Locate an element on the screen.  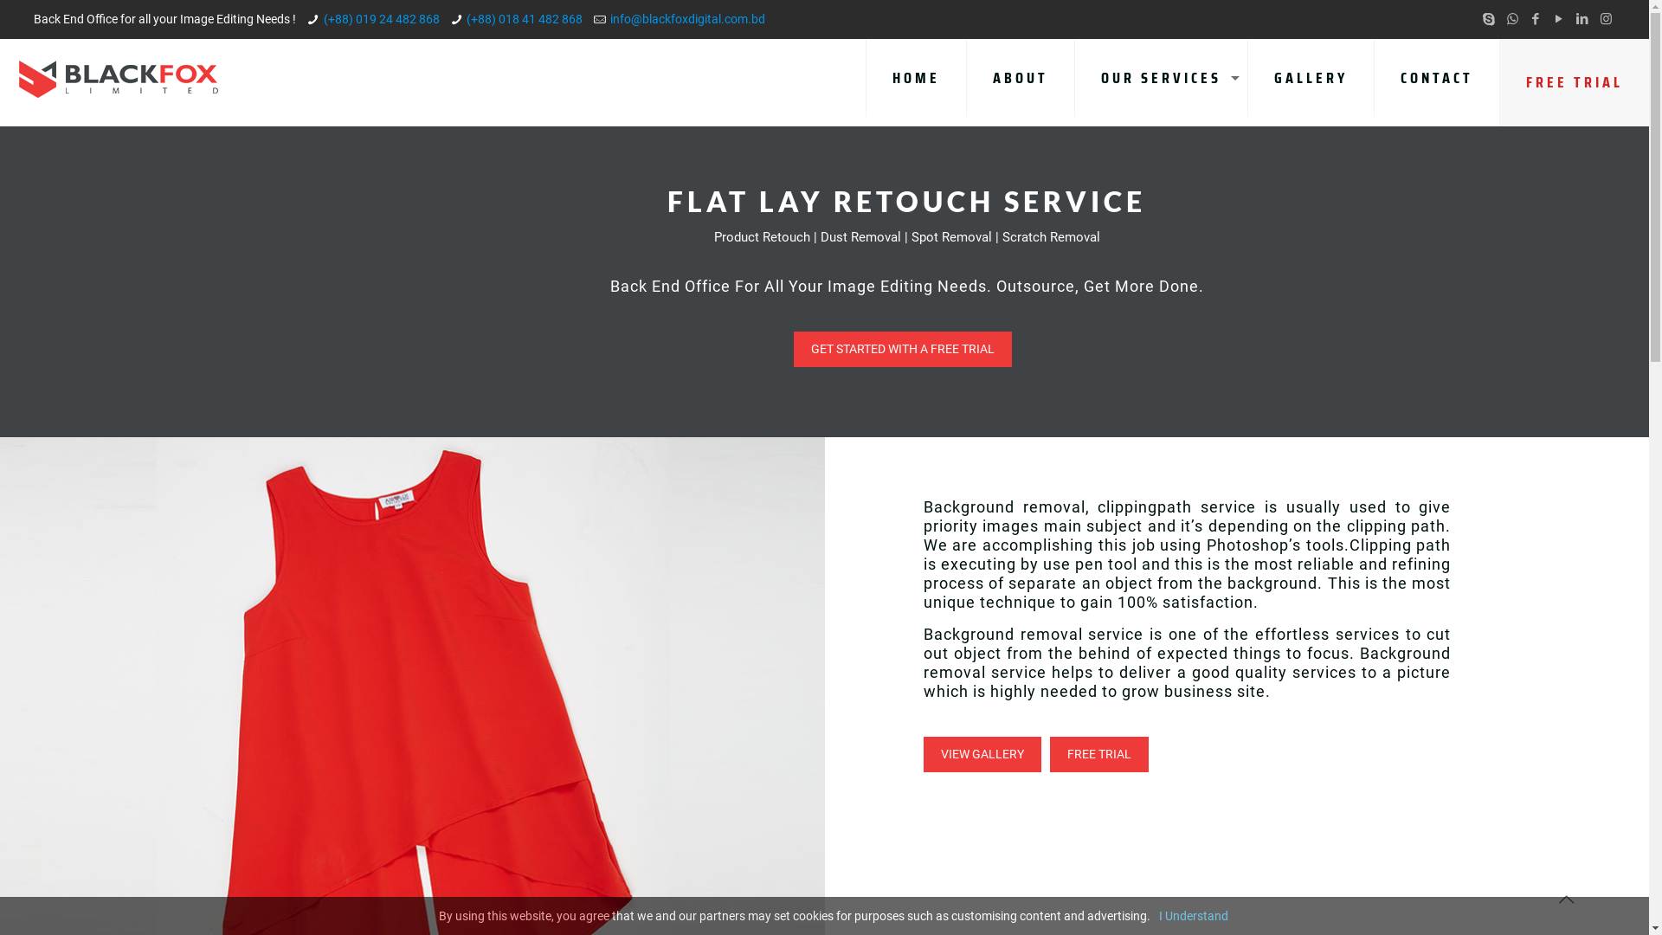
'OUR SERVICES' is located at coordinates (1162, 76).